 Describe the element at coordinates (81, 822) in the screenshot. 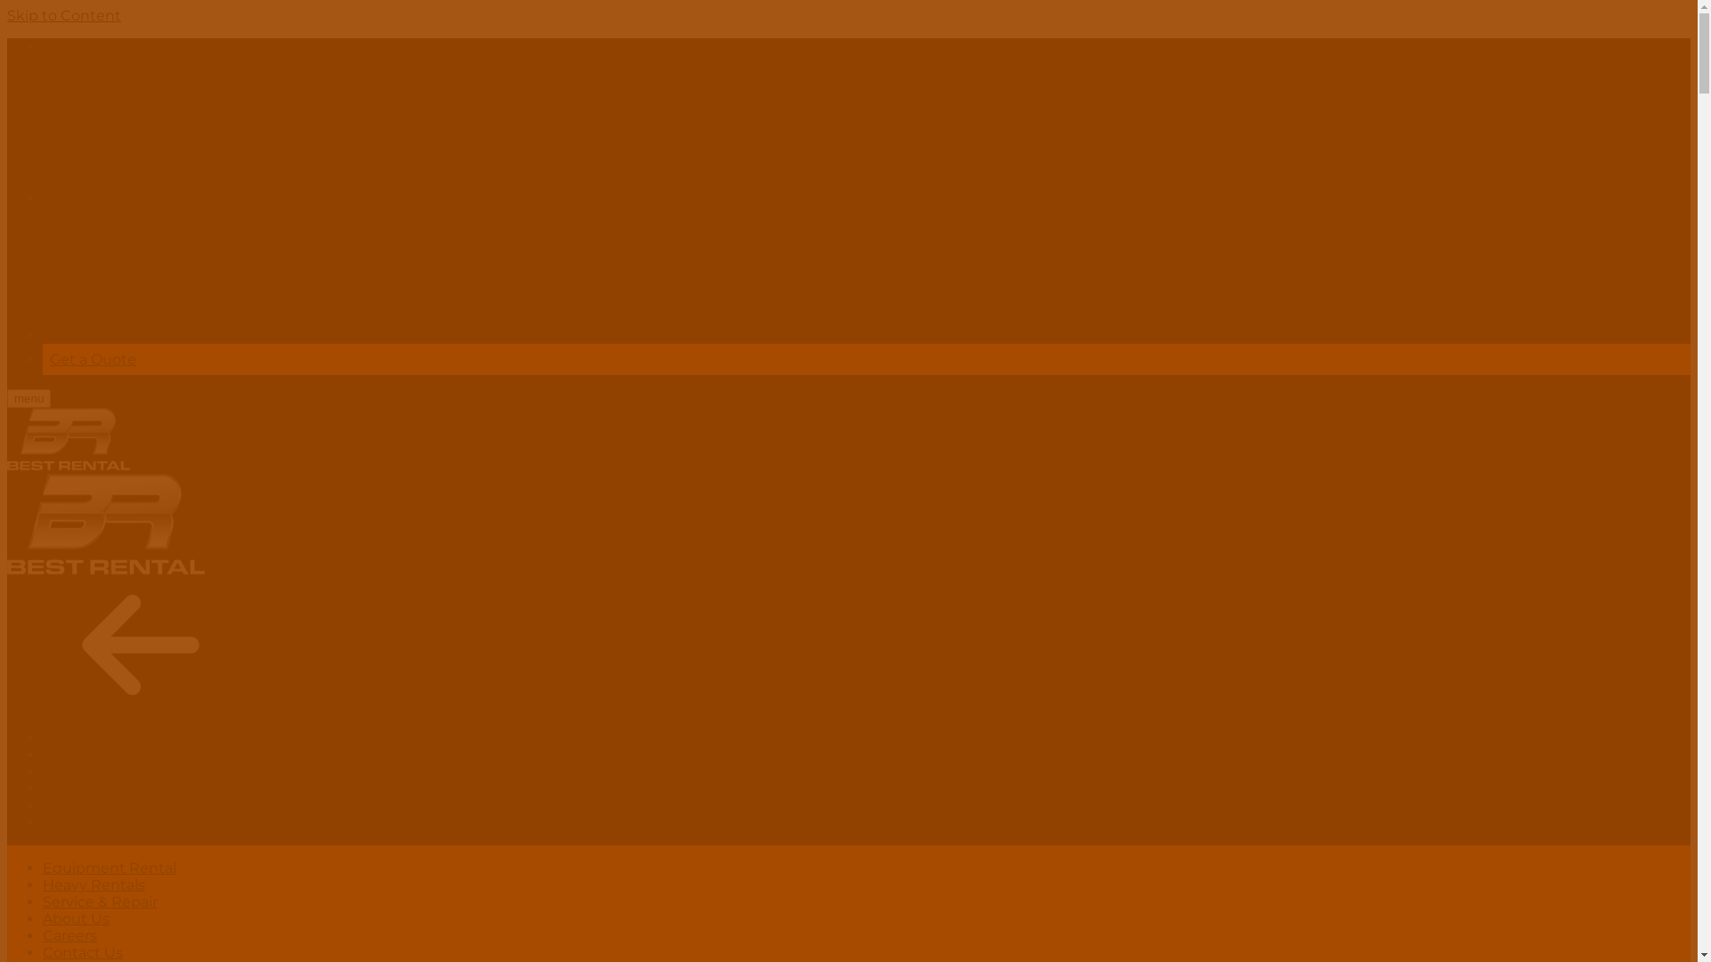

I see `'Contact Us'` at that location.